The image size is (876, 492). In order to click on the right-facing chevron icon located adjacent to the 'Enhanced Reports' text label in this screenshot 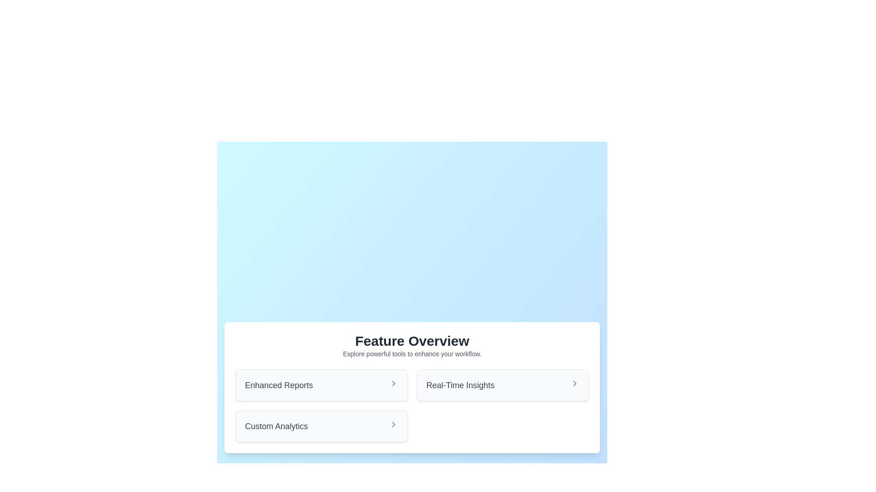, I will do `click(393, 383)`.